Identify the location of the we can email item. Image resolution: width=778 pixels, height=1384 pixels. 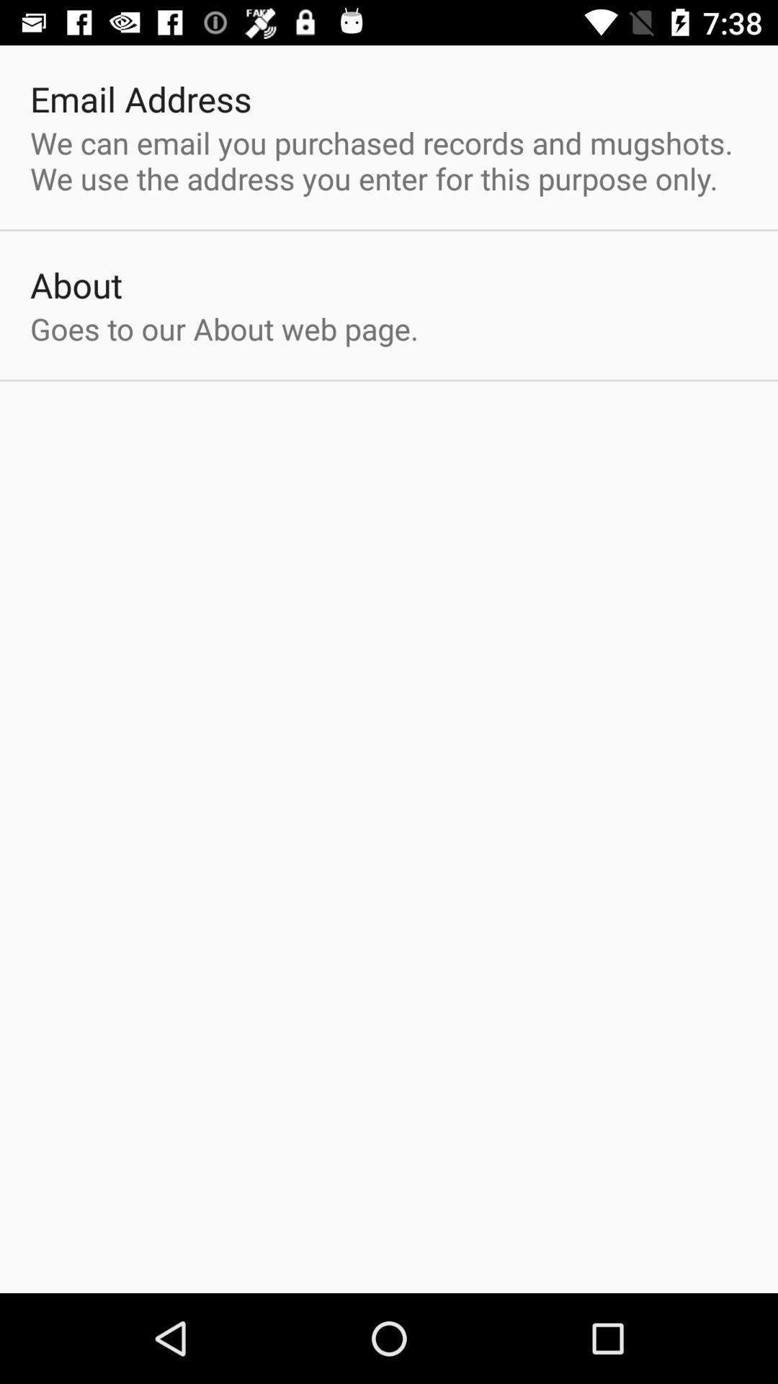
(389, 160).